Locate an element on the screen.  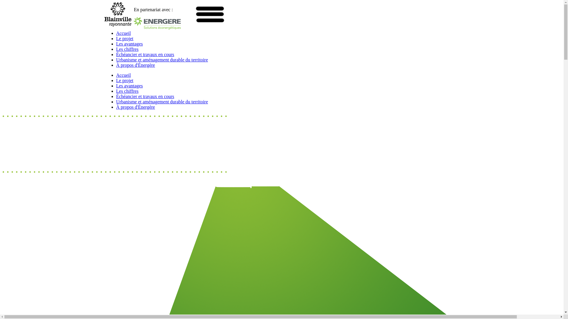
'Le projet' is located at coordinates (124, 38).